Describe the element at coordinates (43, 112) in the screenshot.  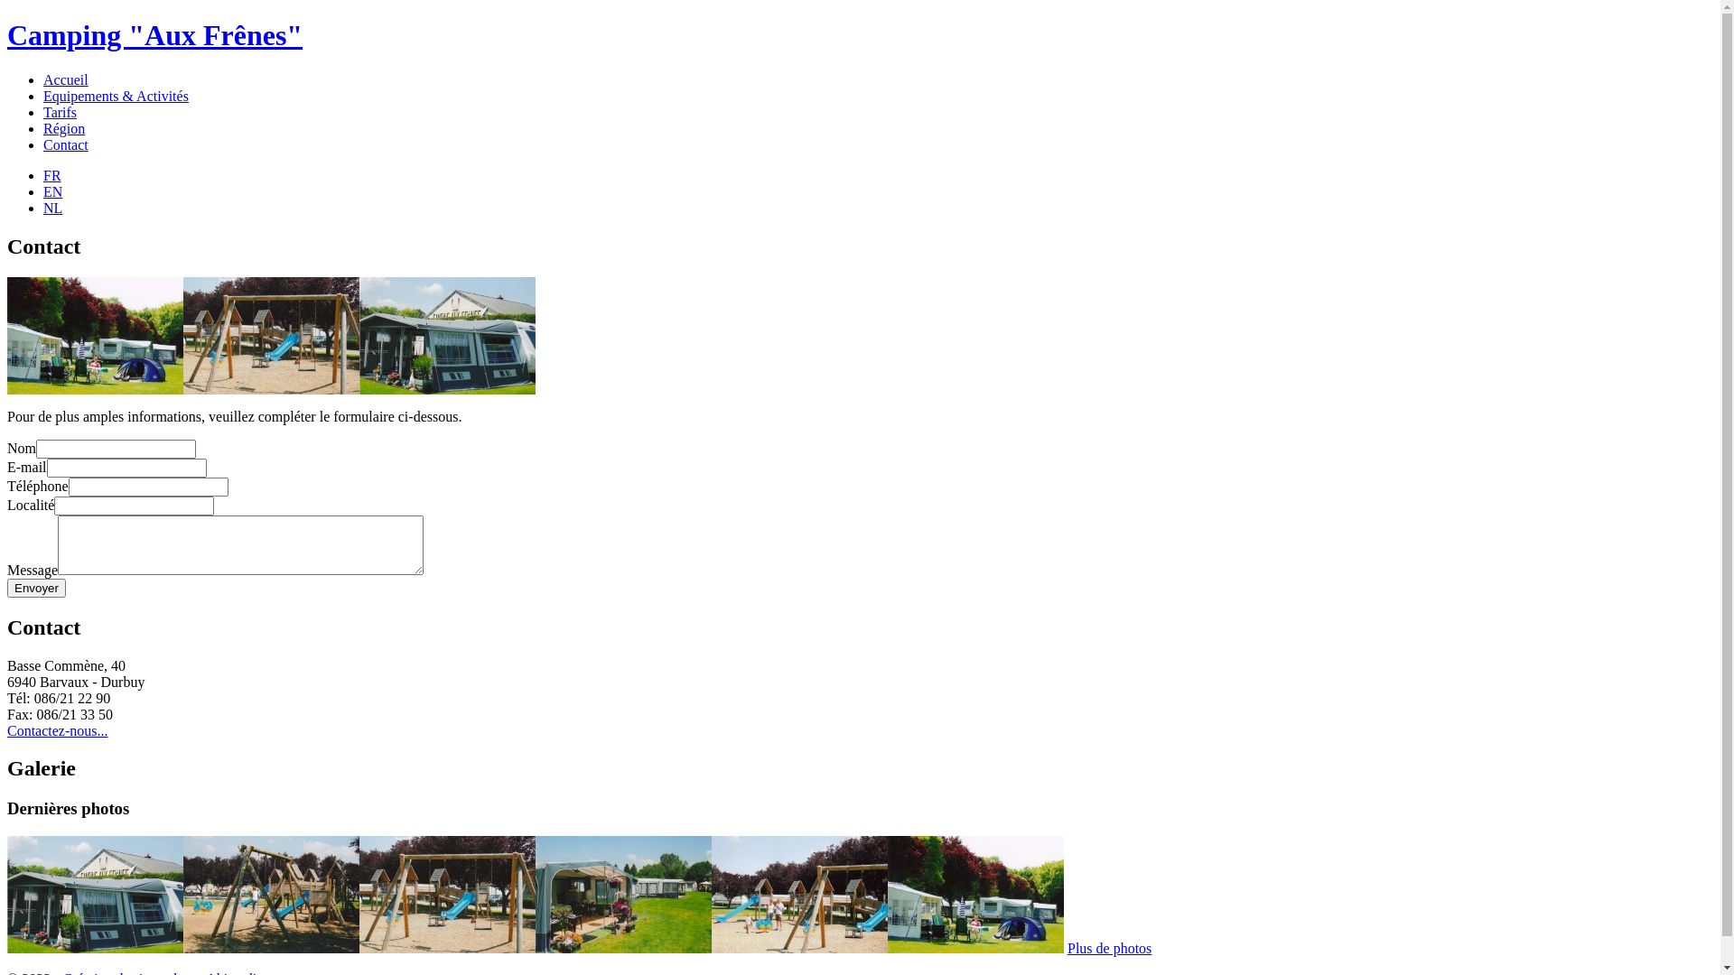
I see `'Tarifs'` at that location.